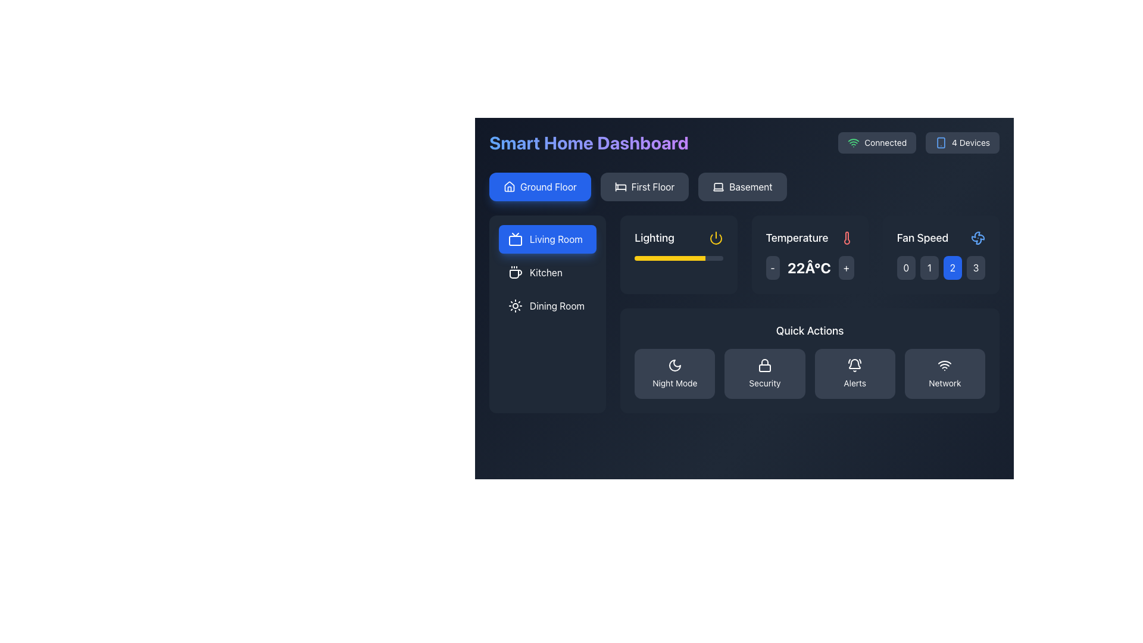  I want to click on the 'Fan Speed' icon located at the top of the 'Fan Speed' card in the Smart Home Dashboard, so click(978, 238).